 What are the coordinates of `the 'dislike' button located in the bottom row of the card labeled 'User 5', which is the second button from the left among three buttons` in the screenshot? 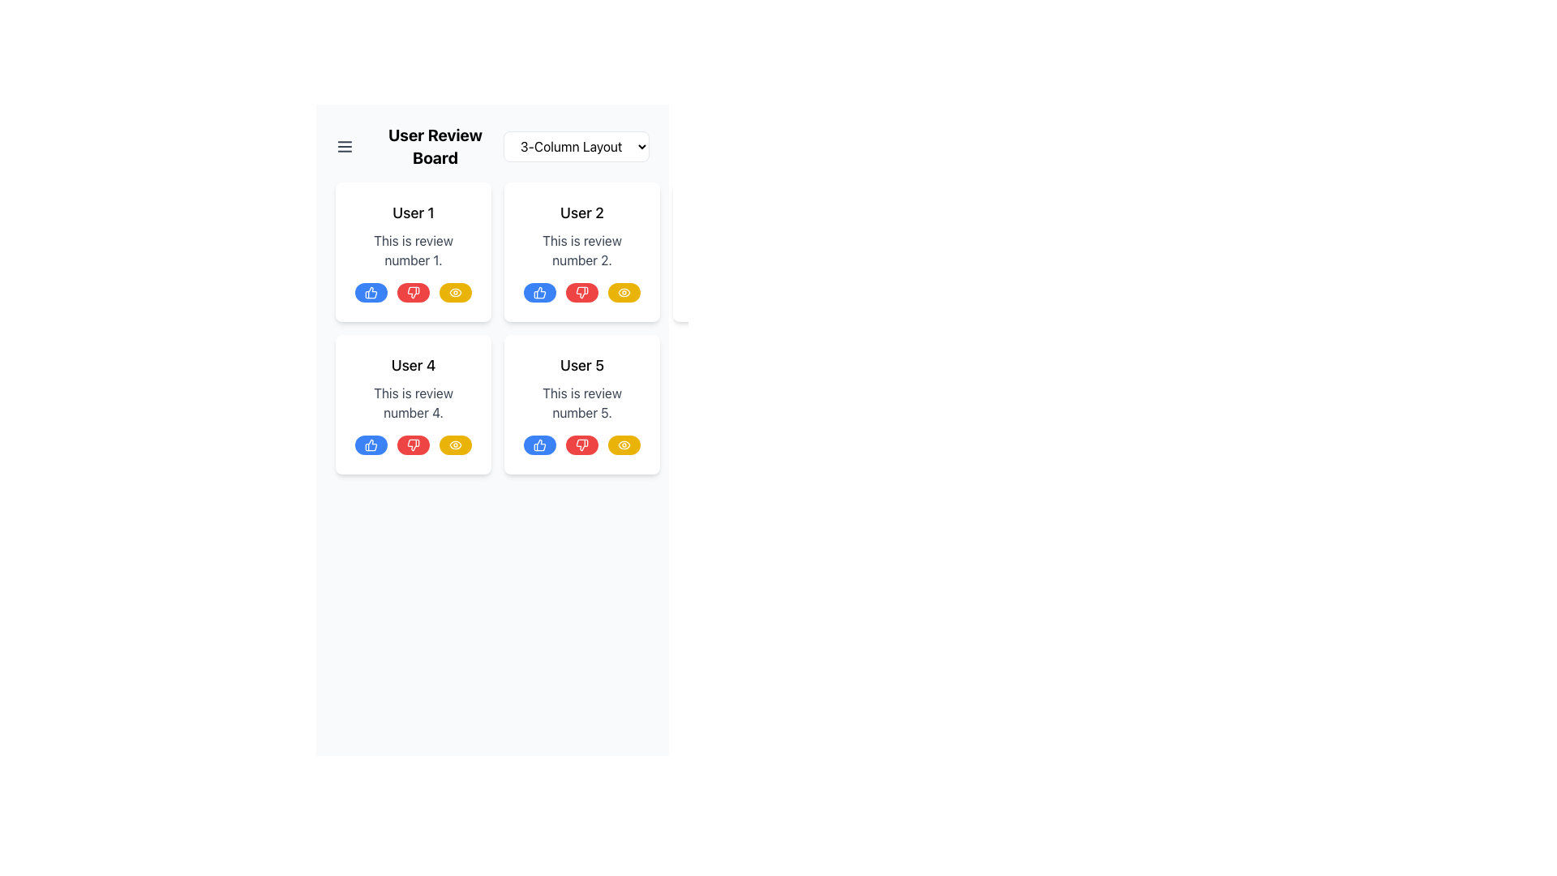 It's located at (582, 444).